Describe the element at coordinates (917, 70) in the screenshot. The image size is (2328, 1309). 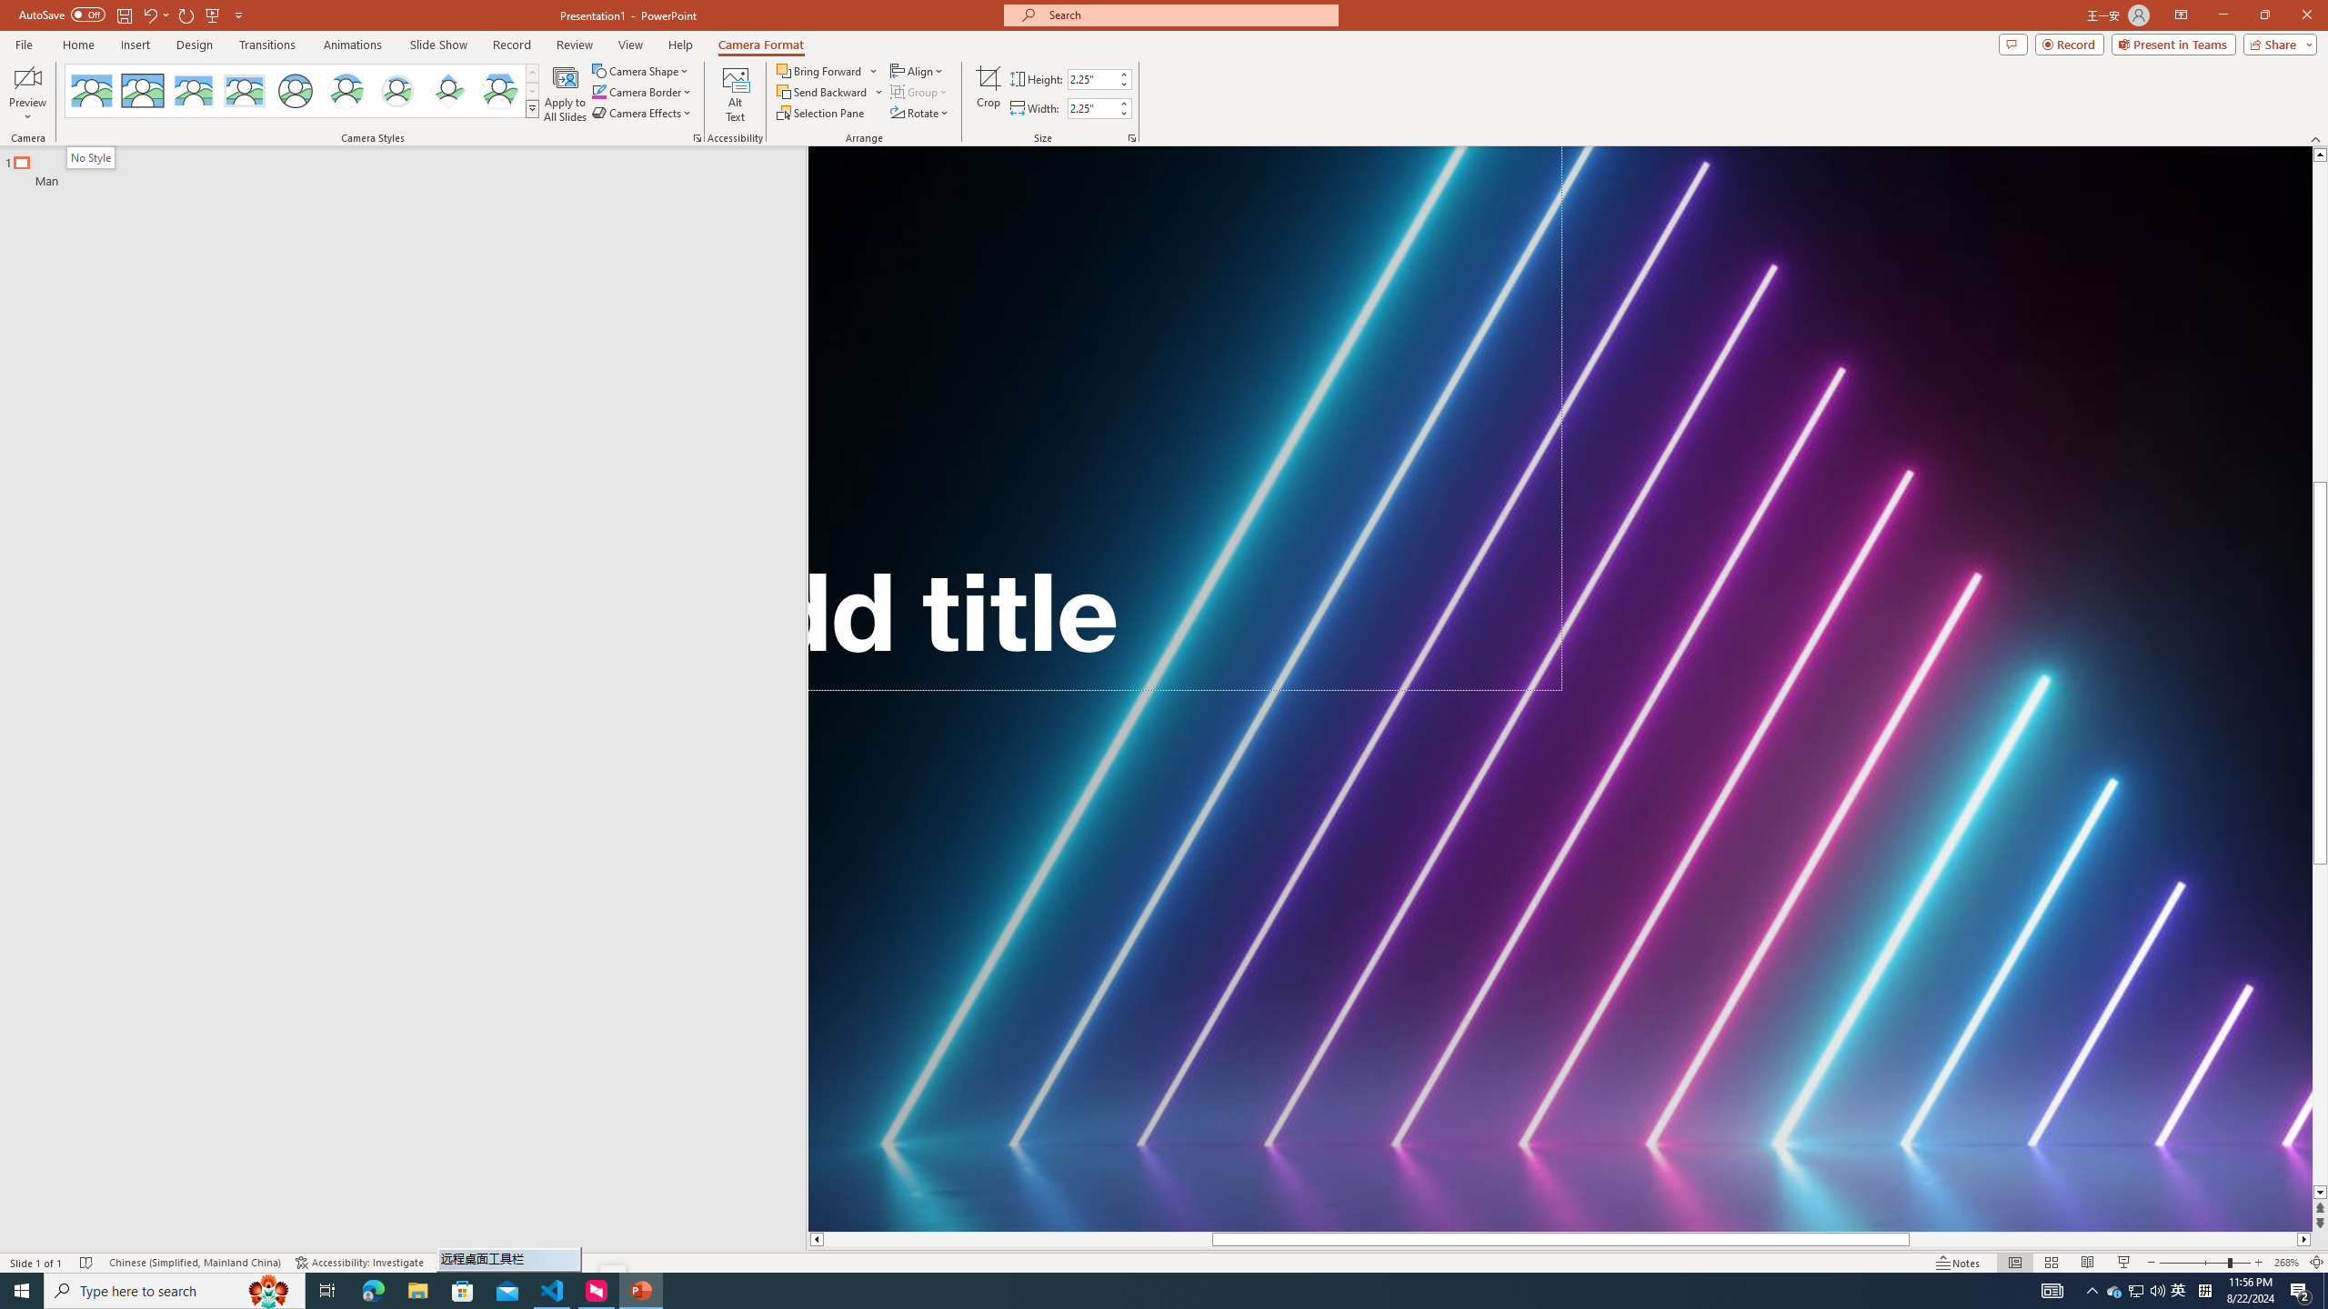
I see `'Align'` at that location.